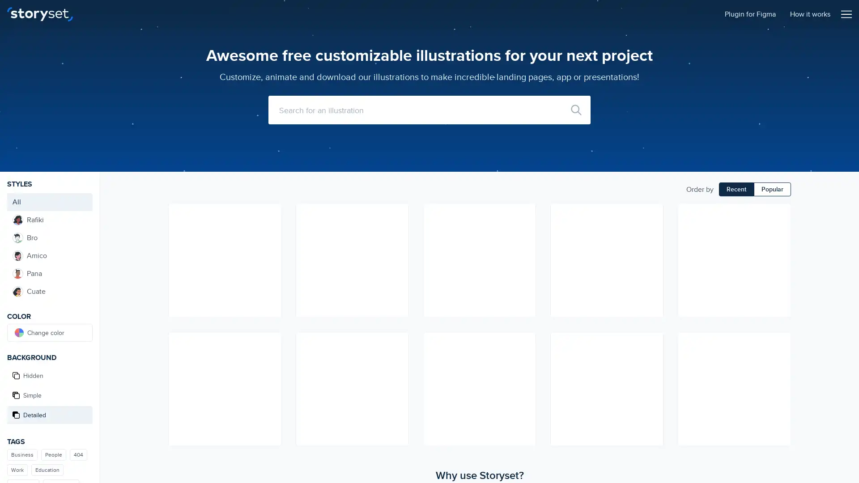 The height and width of the screenshot is (483, 859). Describe the element at coordinates (576, 110) in the screenshot. I see `Search button` at that location.